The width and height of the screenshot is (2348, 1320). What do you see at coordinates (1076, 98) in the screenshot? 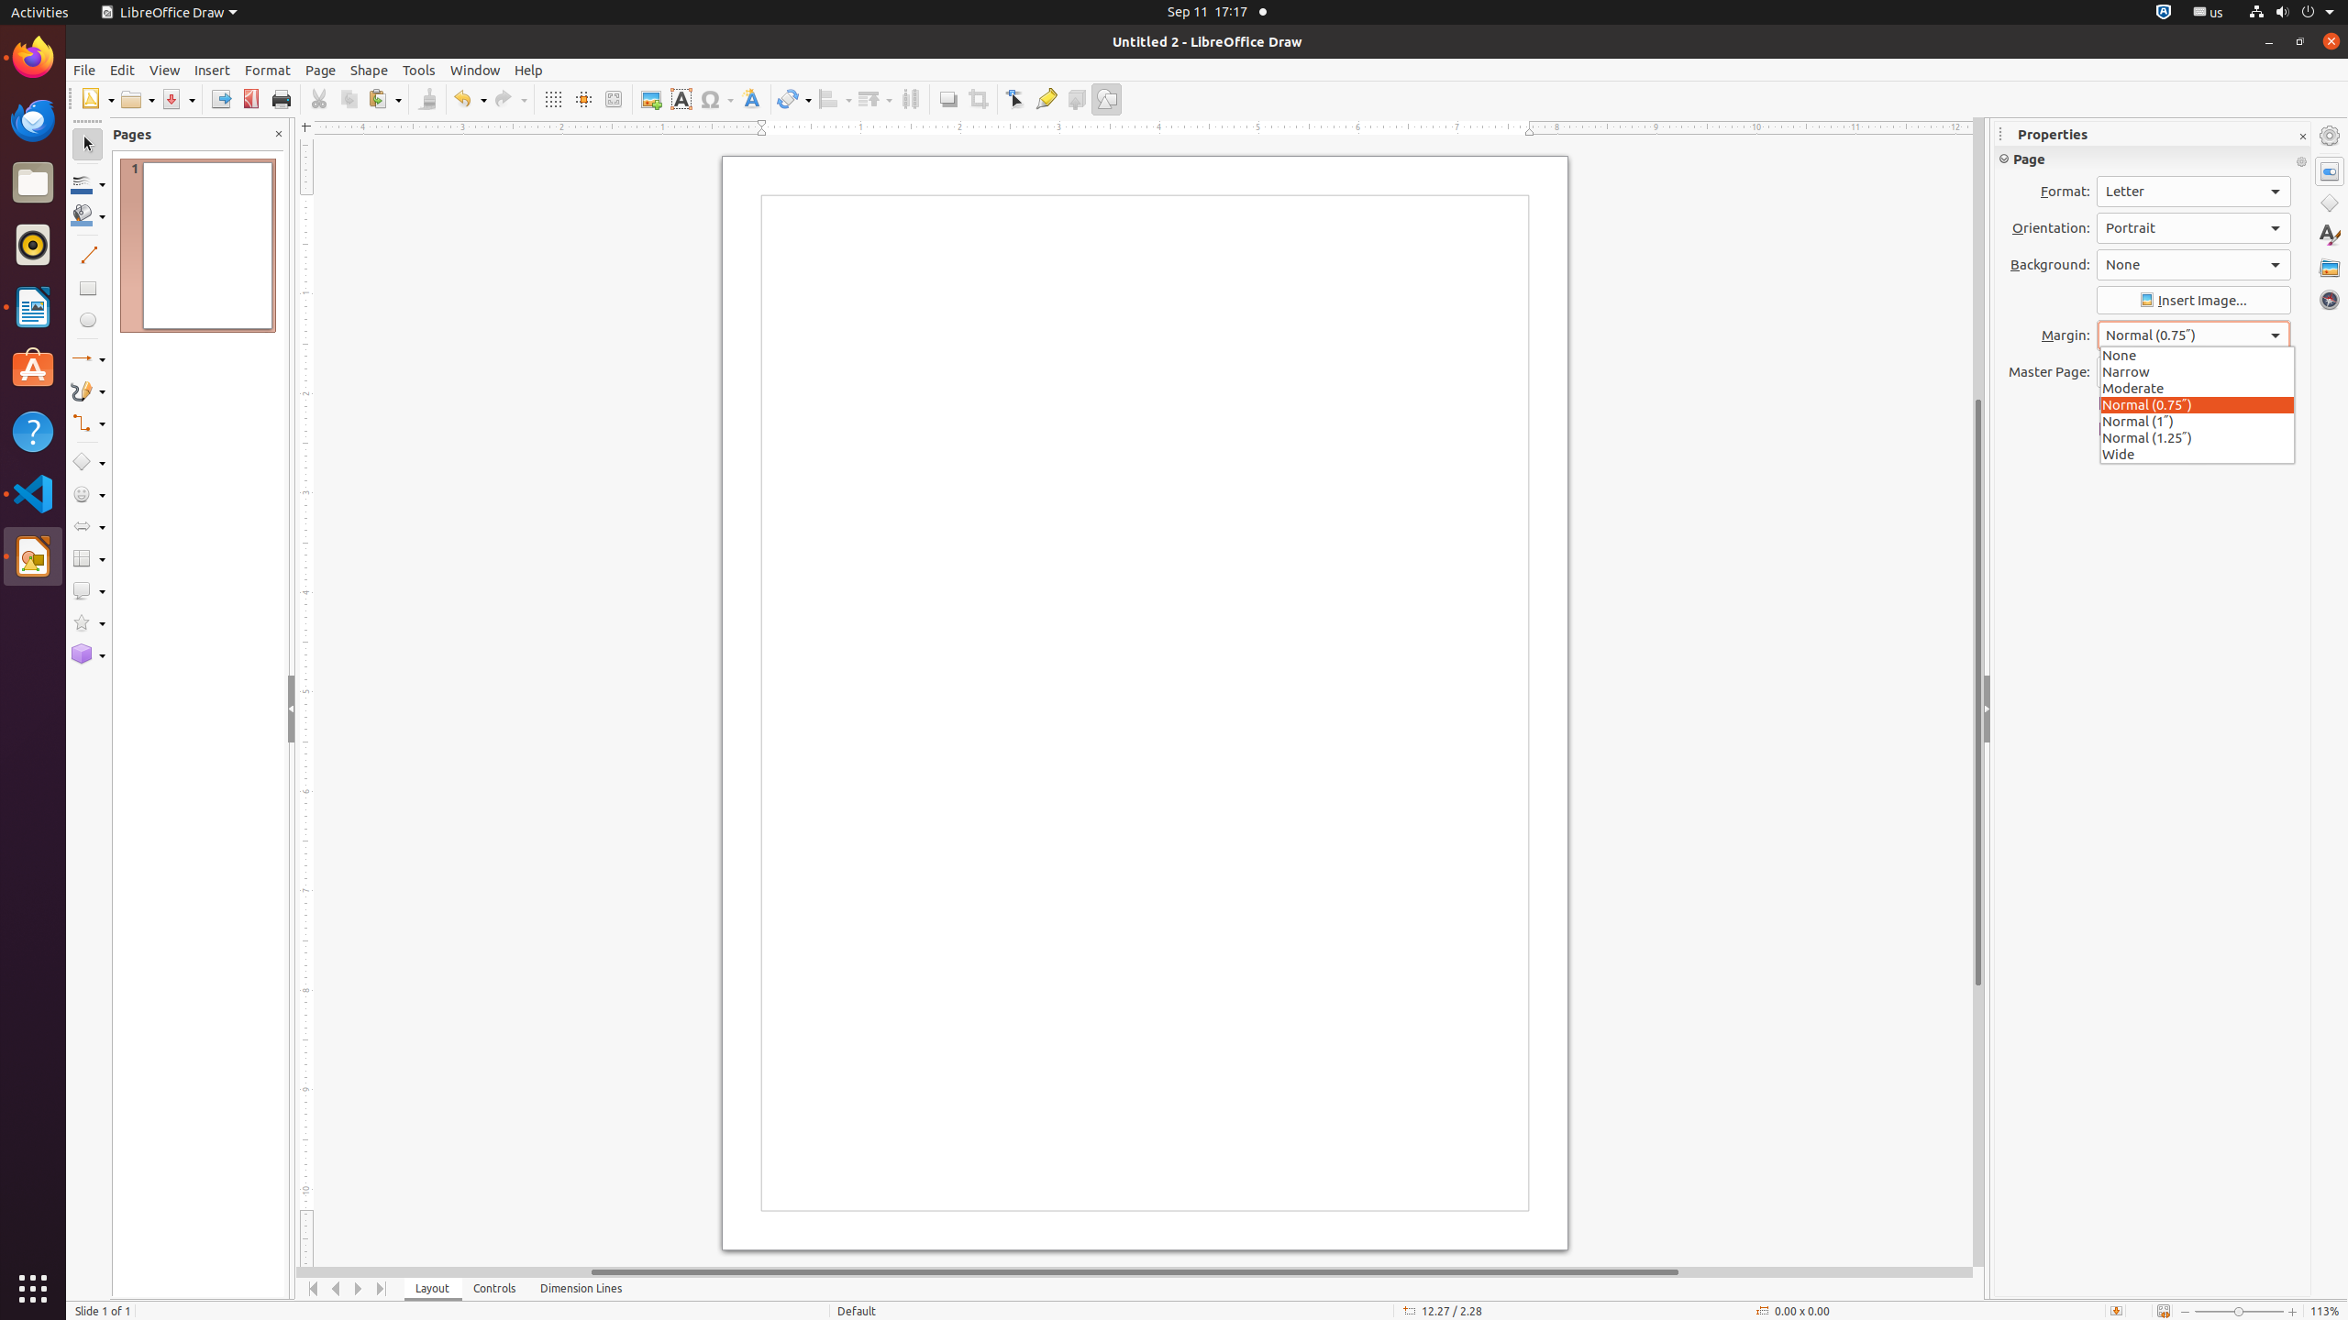
I see `'Toggle Extrusion'` at bounding box center [1076, 98].